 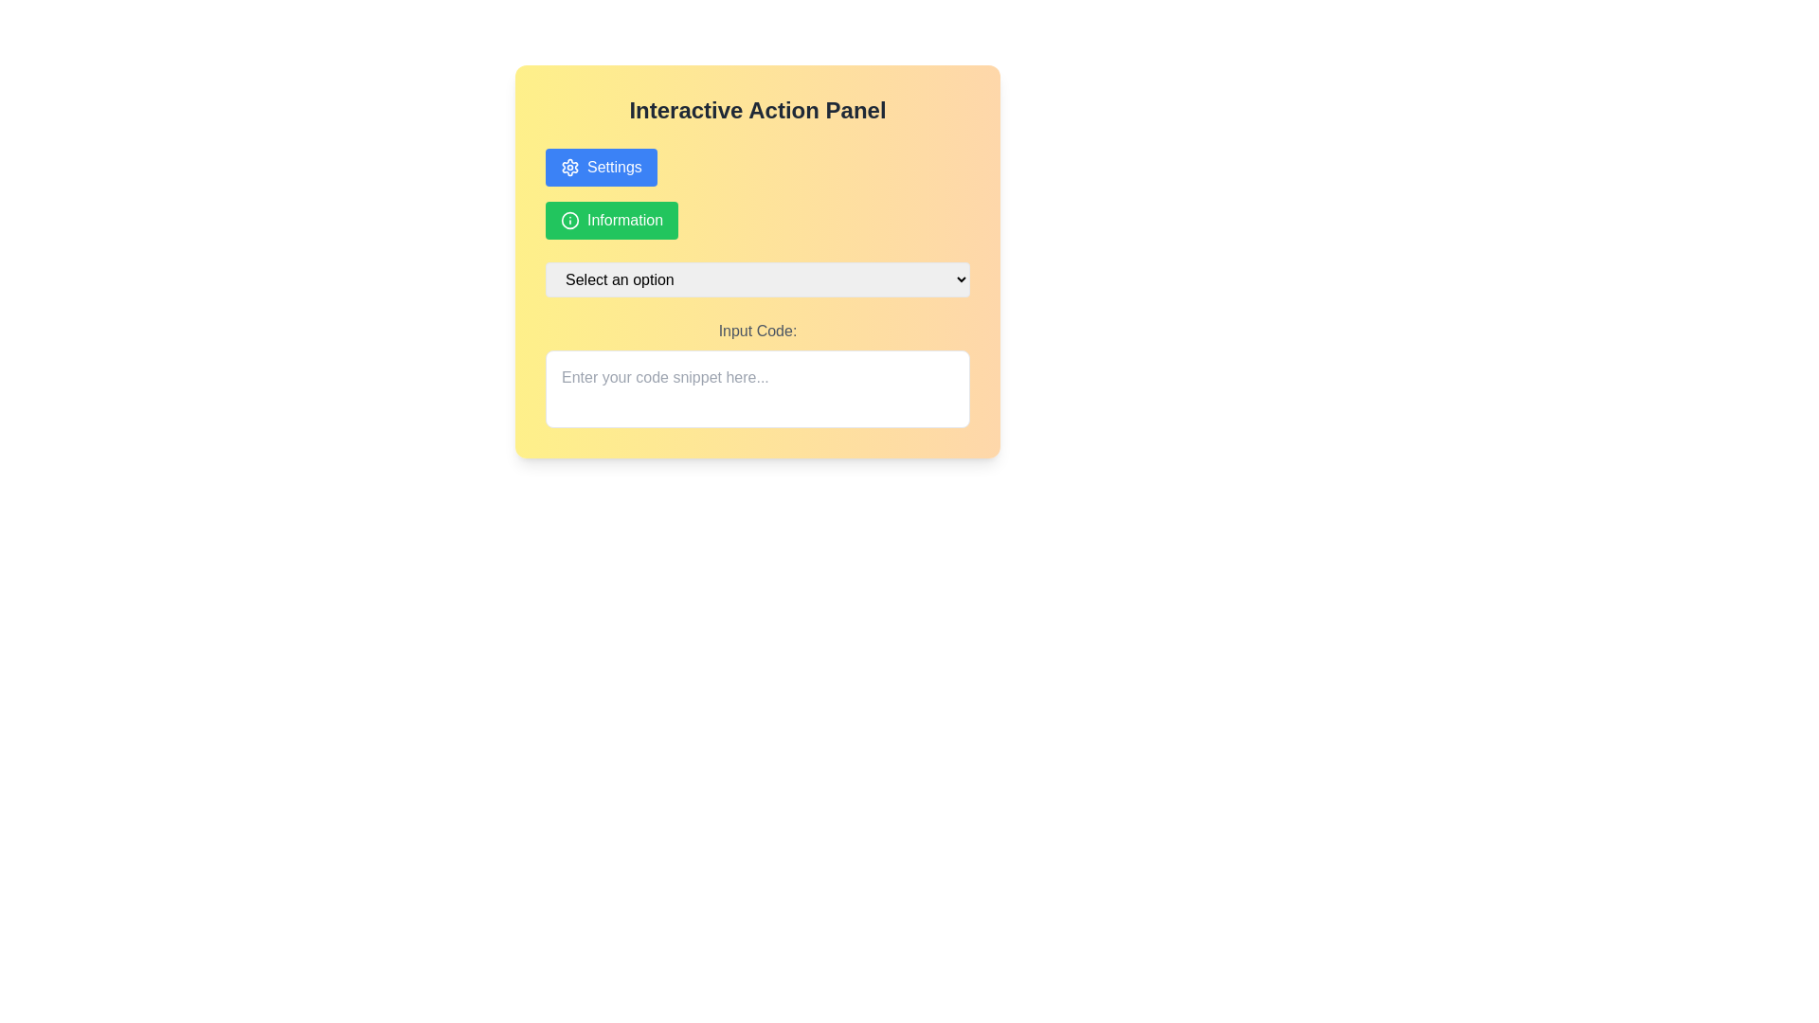 I want to click on the settings icon located to the left of the 'Settings' text inside the blue button under the panel's title, so click(x=568, y=167).